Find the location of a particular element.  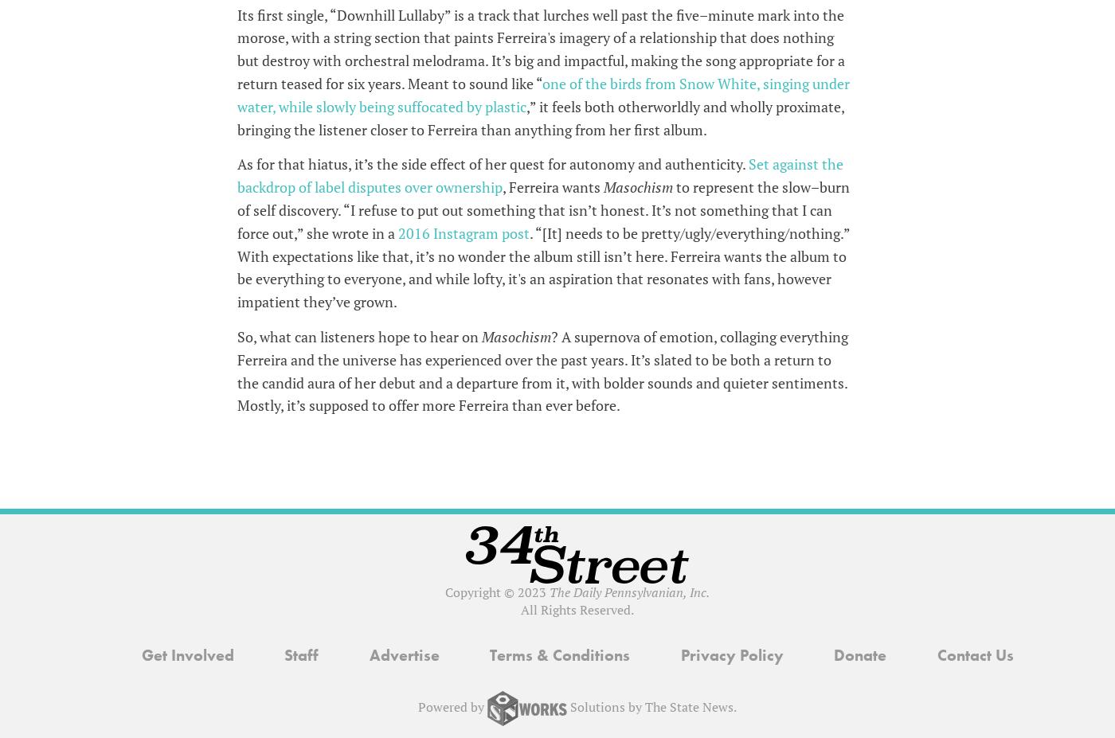

'Set against the backdrop of label disputes over ownership' is located at coordinates (539, 175).